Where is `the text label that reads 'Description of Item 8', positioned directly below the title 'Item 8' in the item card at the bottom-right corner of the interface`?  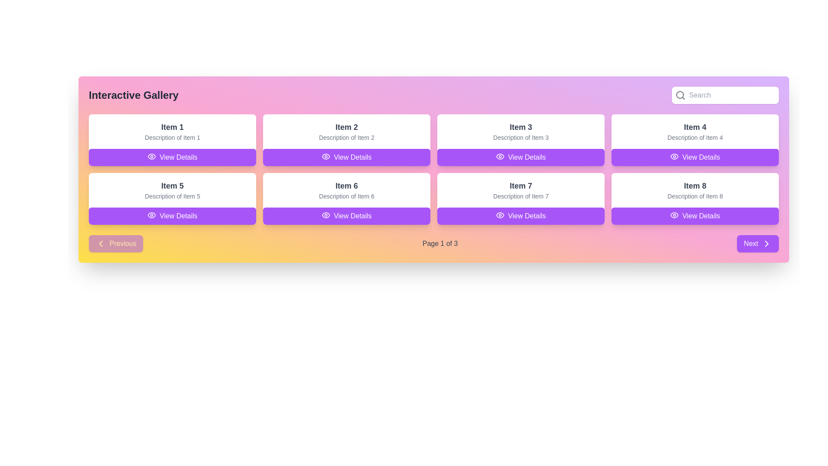
the text label that reads 'Description of Item 8', positioned directly below the title 'Item 8' in the item card at the bottom-right corner of the interface is located at coordinates (695, 196).